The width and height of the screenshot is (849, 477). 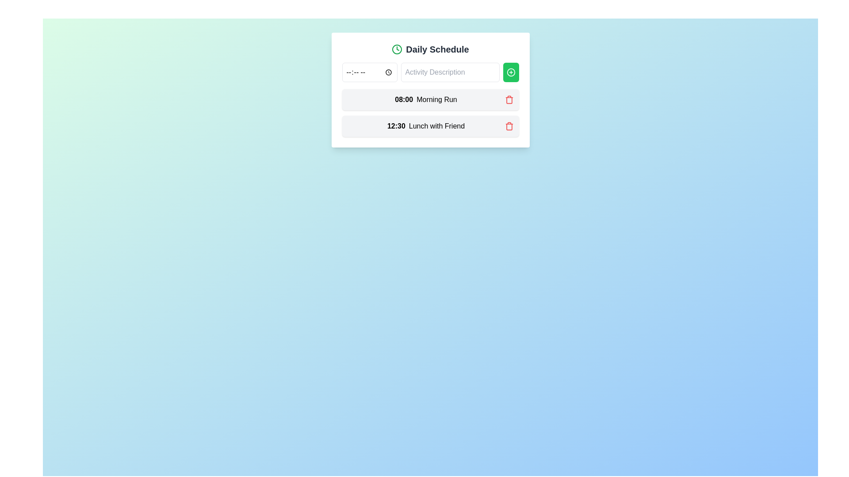 I want to click on to select the first scheduled event item in the 'Daily Schedule' card, so click(x=430, y=99).